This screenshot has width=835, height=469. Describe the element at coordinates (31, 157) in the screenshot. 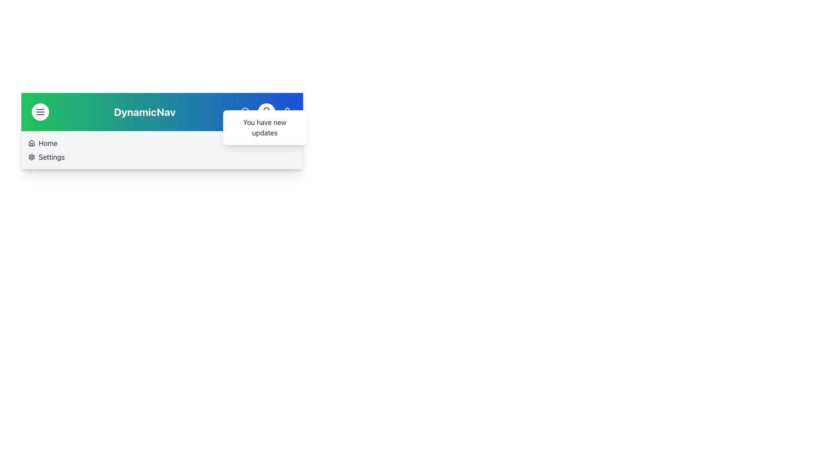

I see `the settings icon located at the leftmost position of the horizontal group containing the 'Settings' text label, positioned below the 'DynamicNav' branding section` at that location.